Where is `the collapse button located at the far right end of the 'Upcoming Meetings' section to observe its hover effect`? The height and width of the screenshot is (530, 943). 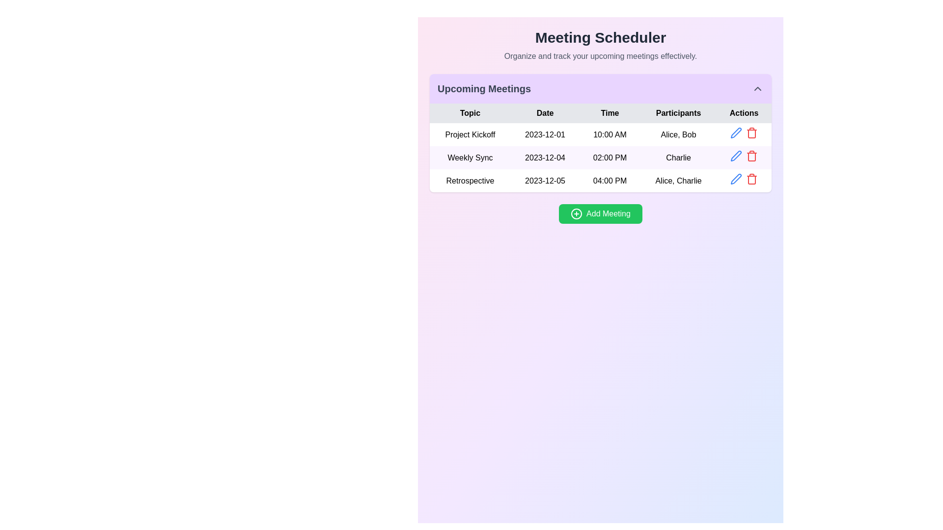
the collapse button located at the far right end of the 'Upcoming Meetings' section to observe its hover effect is located at coordinates (757, 89).